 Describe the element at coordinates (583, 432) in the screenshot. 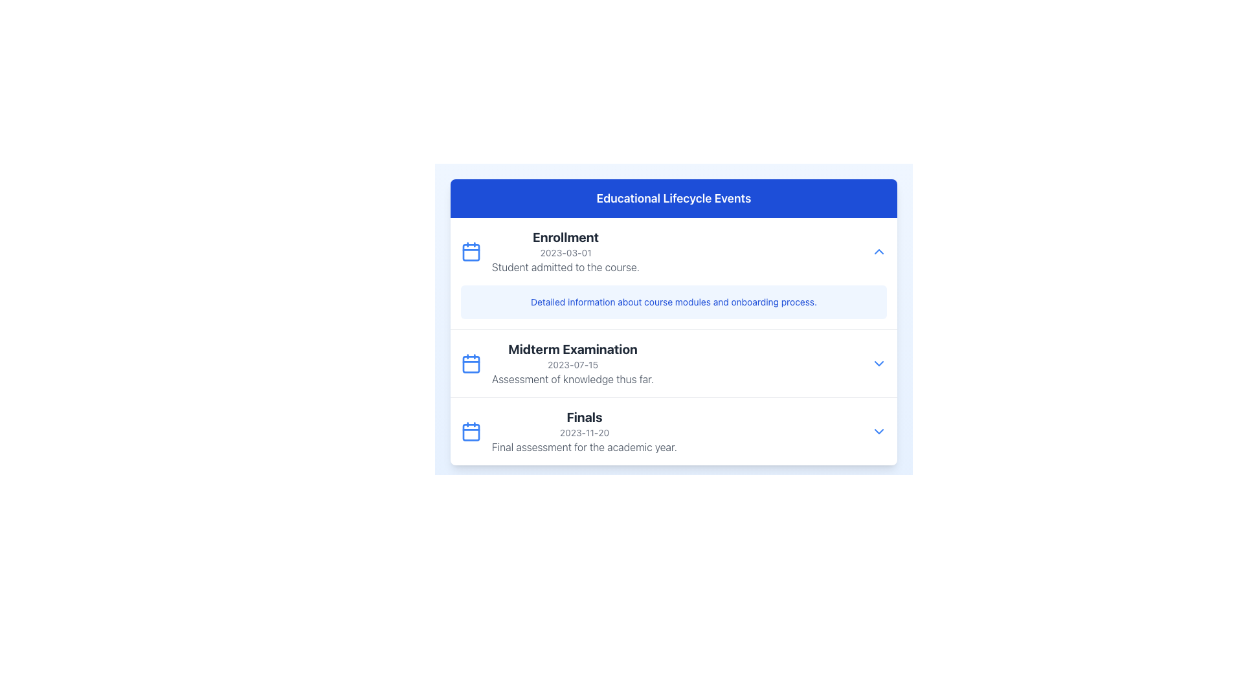

I see `the text label displaying the date '2023-11-20', which is located beneath the bold title 'Finals' and above the descriptive text 'Final assessment for the academic year.'` at that location.